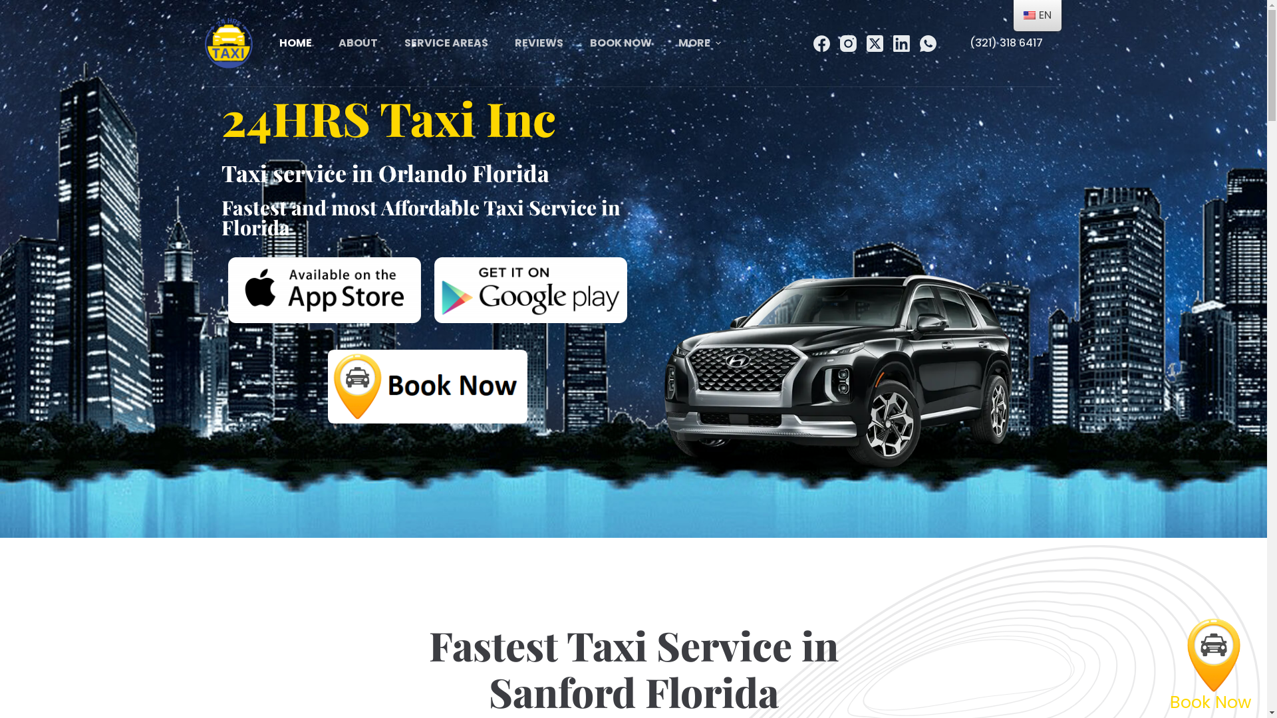 The height and width of the screenshot is (718, 1277). I want to click on 'REVIEWS', so click(500, 43).